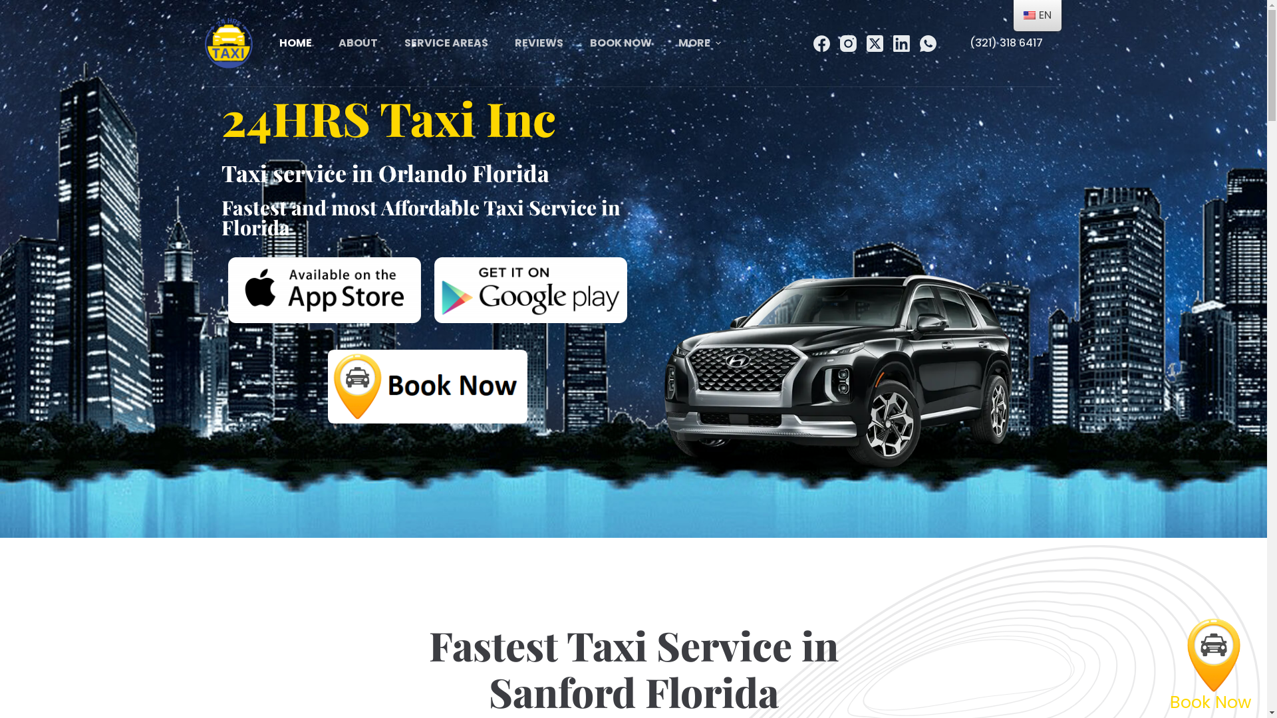 The height and width of the screenshot is (718, 1277). I want to click on 'REVIEWS', so click(500, 43).